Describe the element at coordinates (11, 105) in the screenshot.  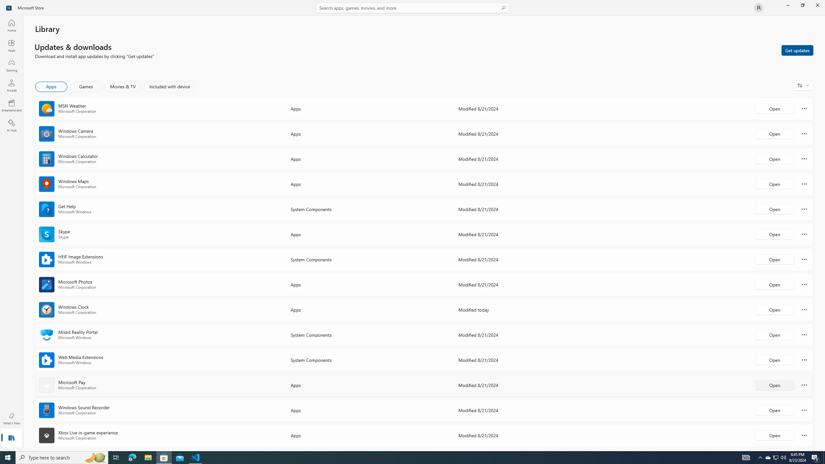
I see `'Entertainment'` at that location.